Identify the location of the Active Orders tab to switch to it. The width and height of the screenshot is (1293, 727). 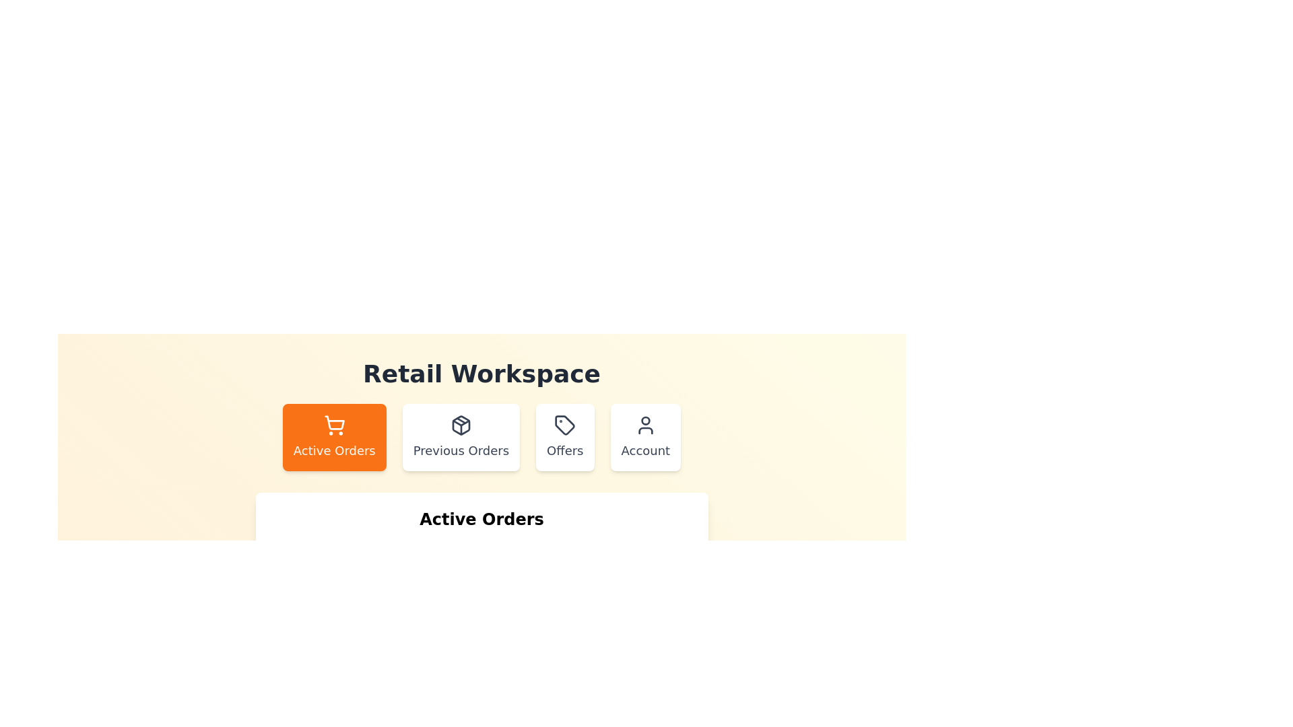
(334, 438).